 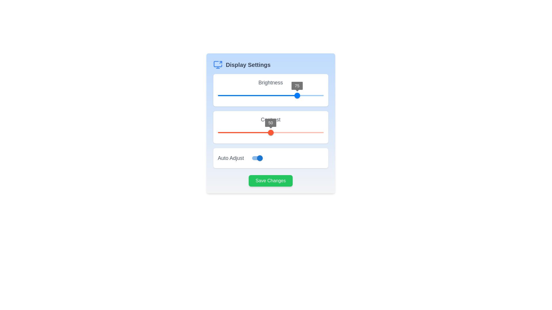 What do you see at coordinates (273, 95) in the screenshot?
I see `the brightness slider` at bounding box center [273, 95].